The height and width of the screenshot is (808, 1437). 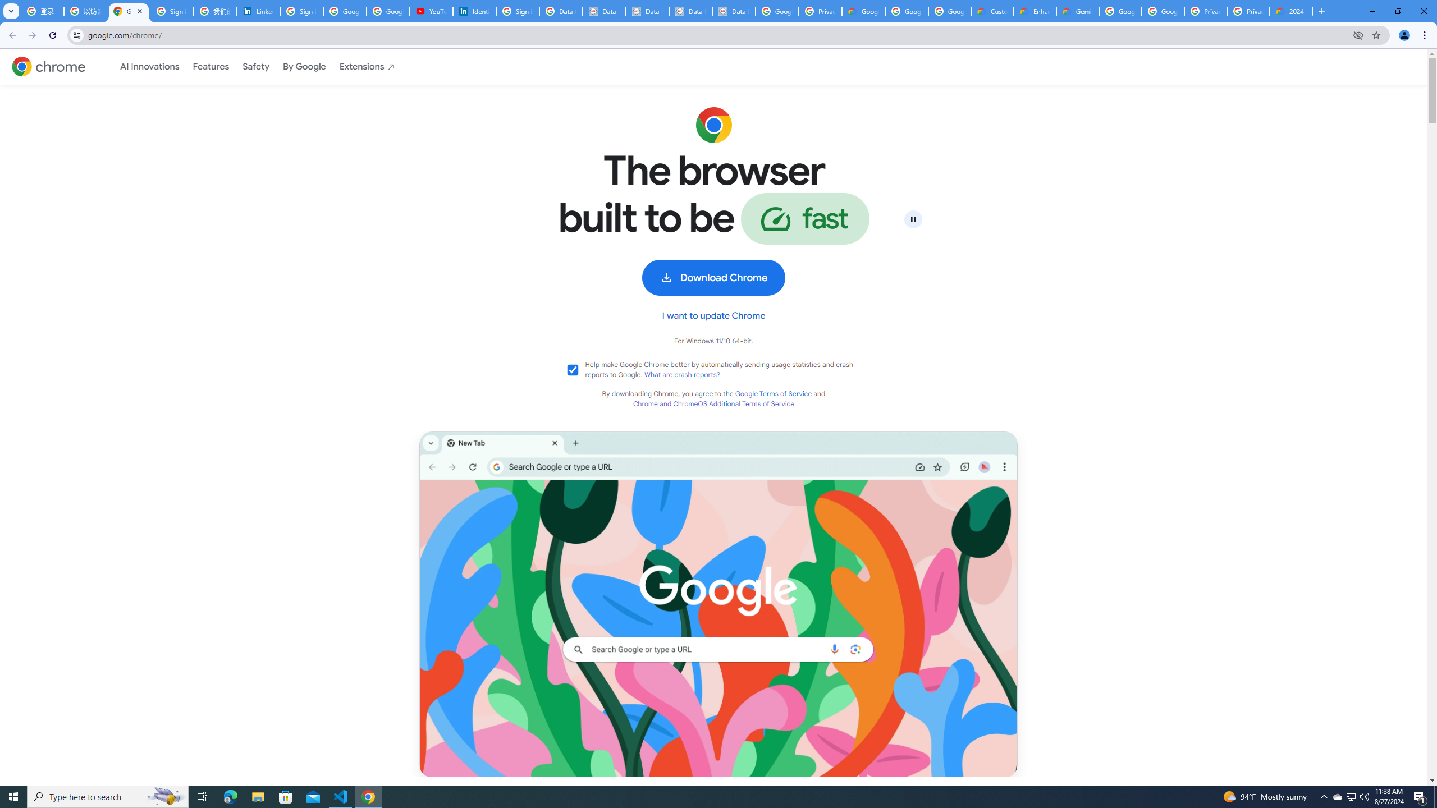 I want to click on 'Google Cloud Platform', so click(x=1163, y=11).